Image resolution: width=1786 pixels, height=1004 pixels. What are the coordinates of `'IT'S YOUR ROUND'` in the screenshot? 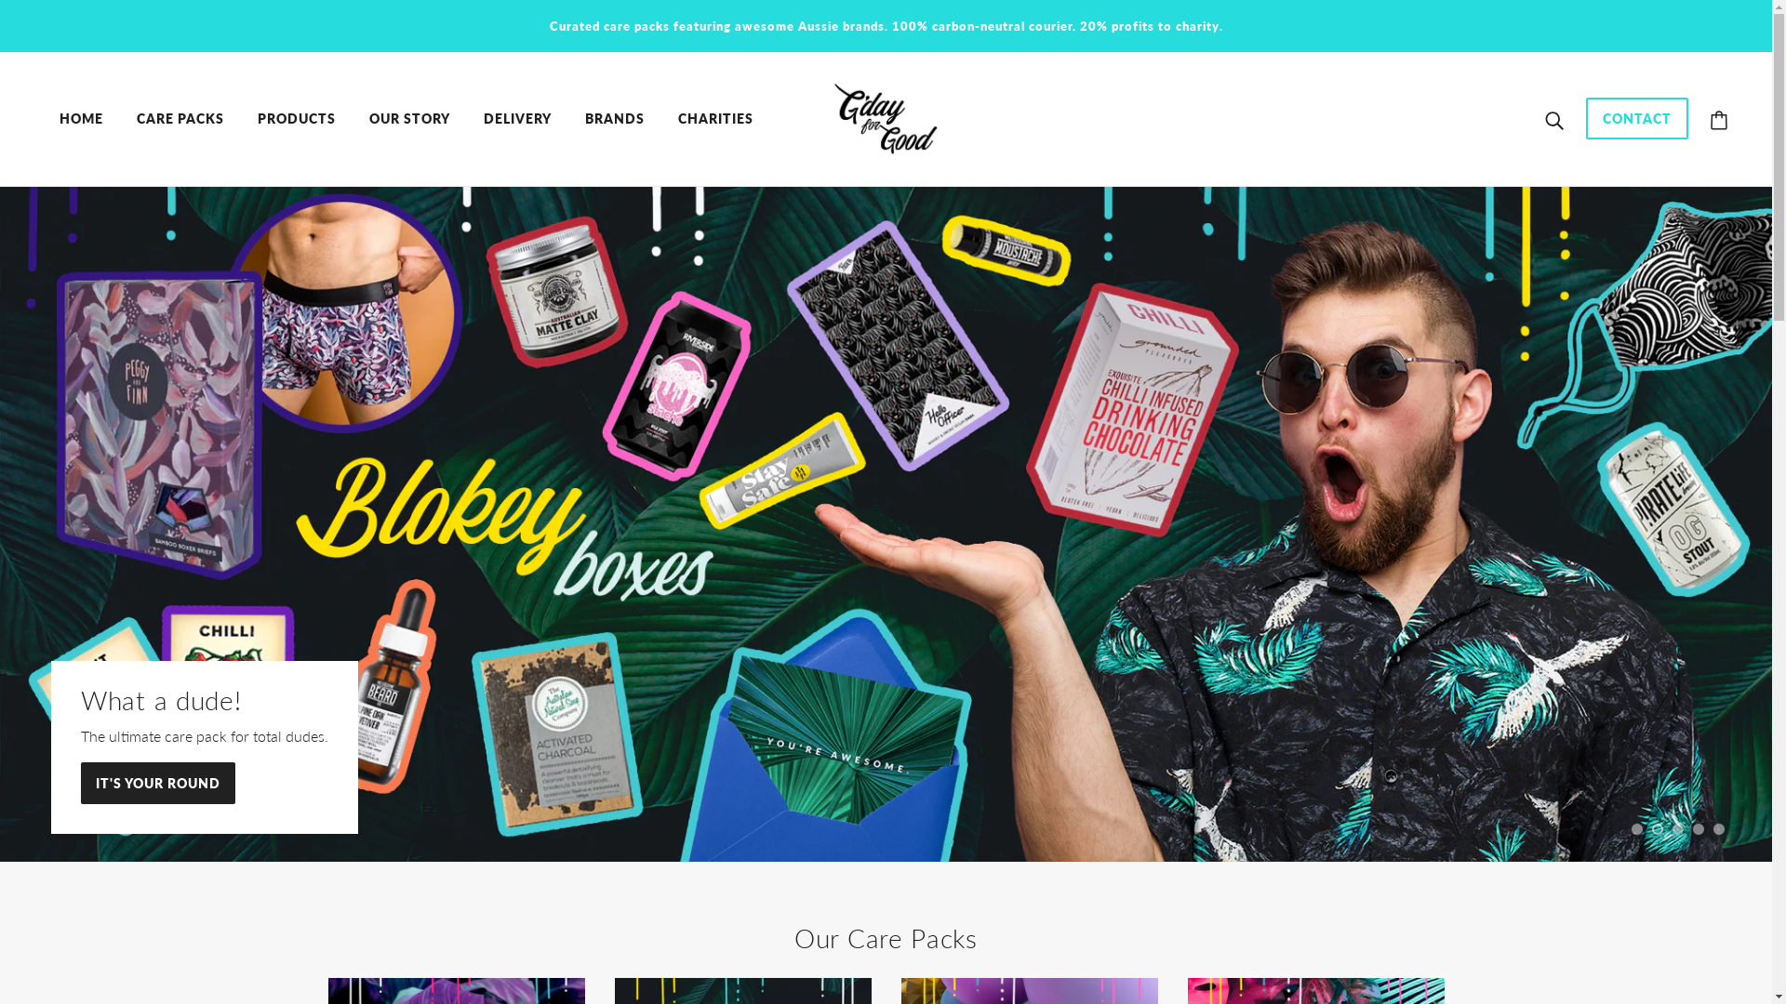 It's located at (157, 792).